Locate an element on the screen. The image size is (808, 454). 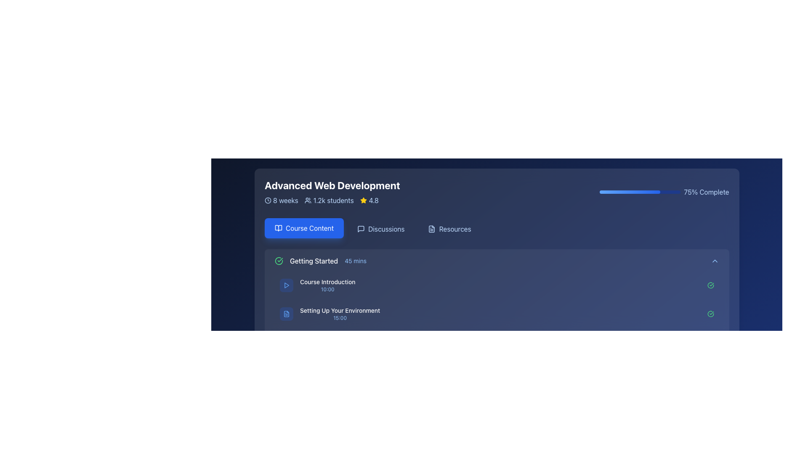
the rectangular icon with a subtle blue background and a file-like symbol, located to the left of the 'Setting Up Your Environment' list item in the 'Advanced Web Development' section to possibly see more details or a tooltip is located at coordinates (286, 314).